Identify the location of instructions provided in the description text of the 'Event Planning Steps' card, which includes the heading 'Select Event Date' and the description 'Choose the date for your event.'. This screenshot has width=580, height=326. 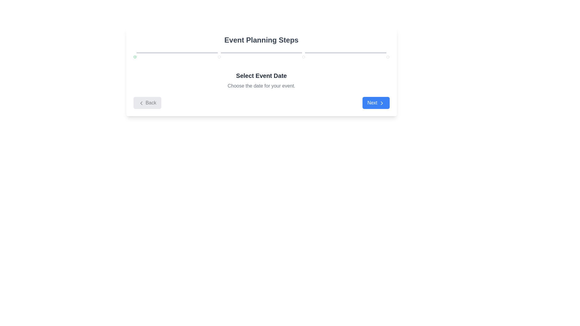
(261, 72).